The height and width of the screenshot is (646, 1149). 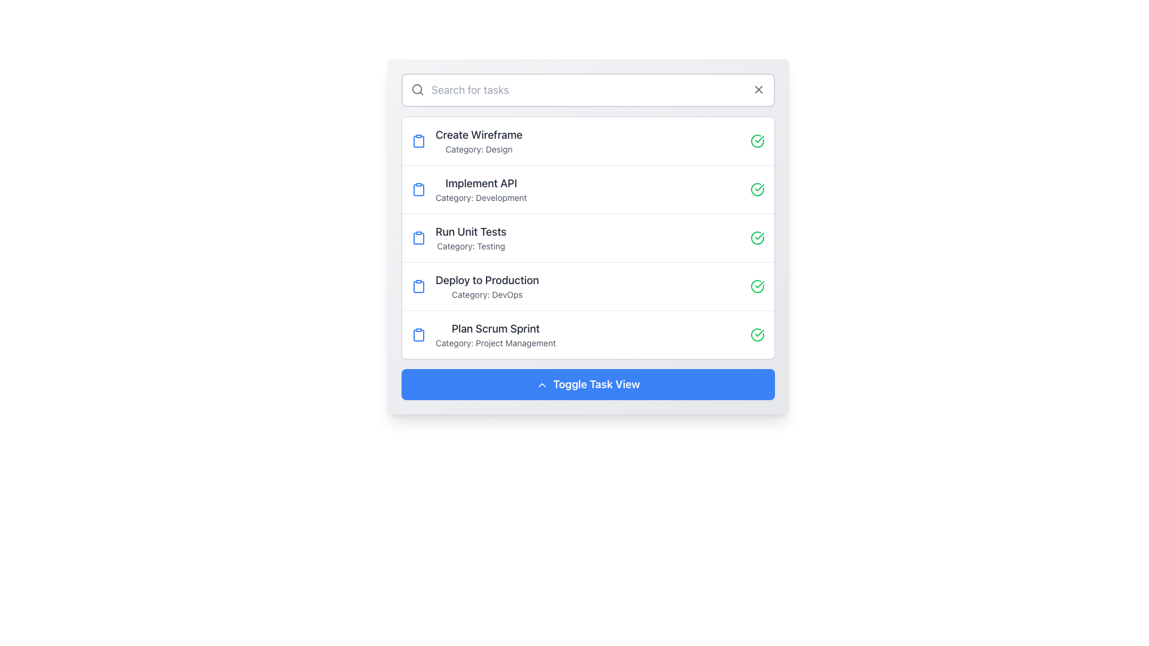 What do you see at coordinates (475, 286) in the screenshot?
I see `the Task entry with the title 'Deploy to Production' and subtitle 'Category: DevOps', which includes a blue clipboard icon, located in the fourth position of a vertical list of task items` at bounding box center [475, 286].